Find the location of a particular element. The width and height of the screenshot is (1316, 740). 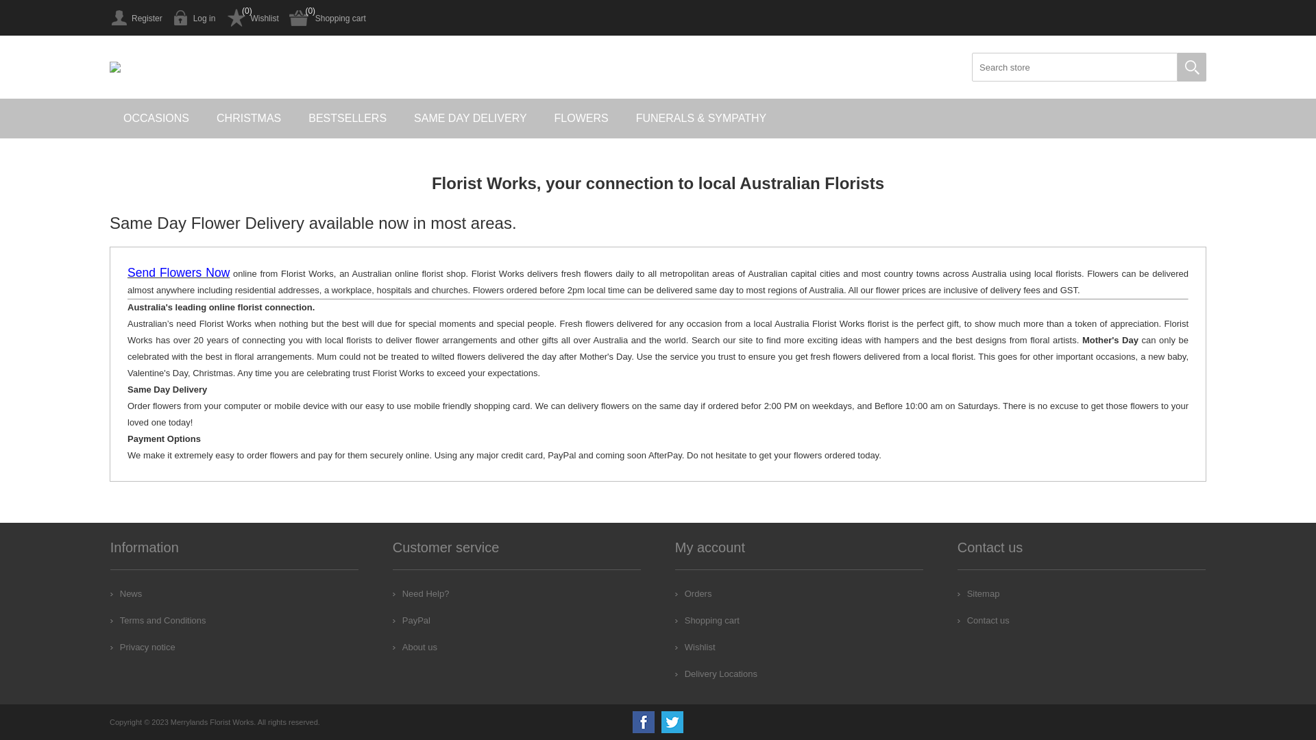

'Contact us' is located at coordinates (983, 620).